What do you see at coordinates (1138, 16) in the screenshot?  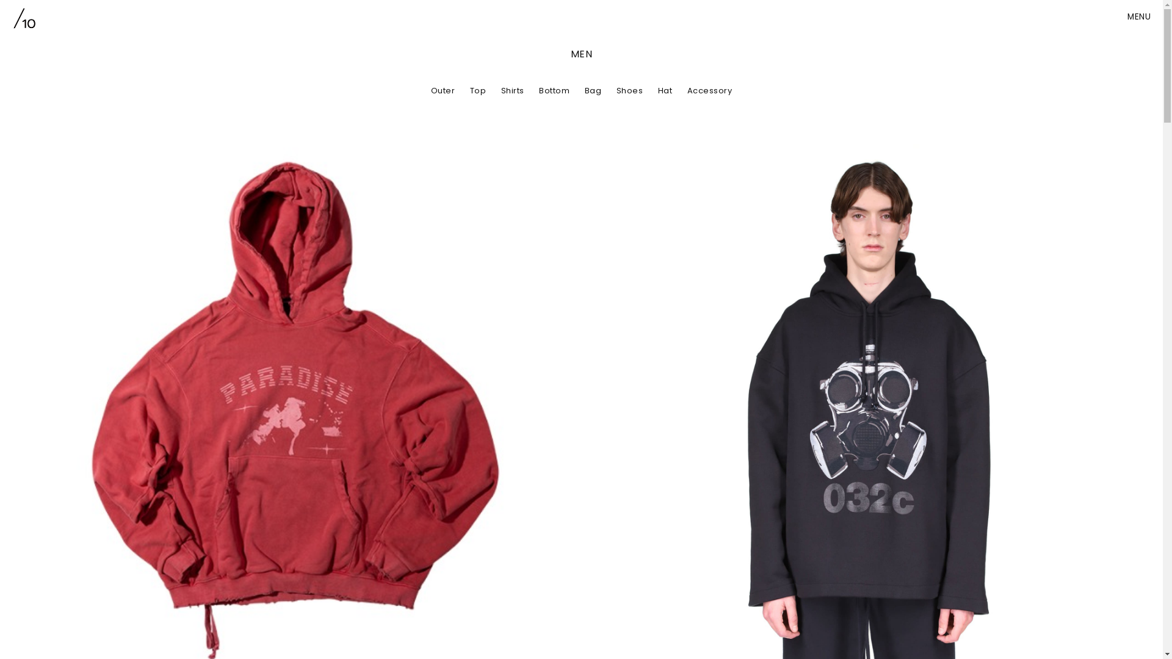 I see `'MENU'` at bounding box center [1138, 16].